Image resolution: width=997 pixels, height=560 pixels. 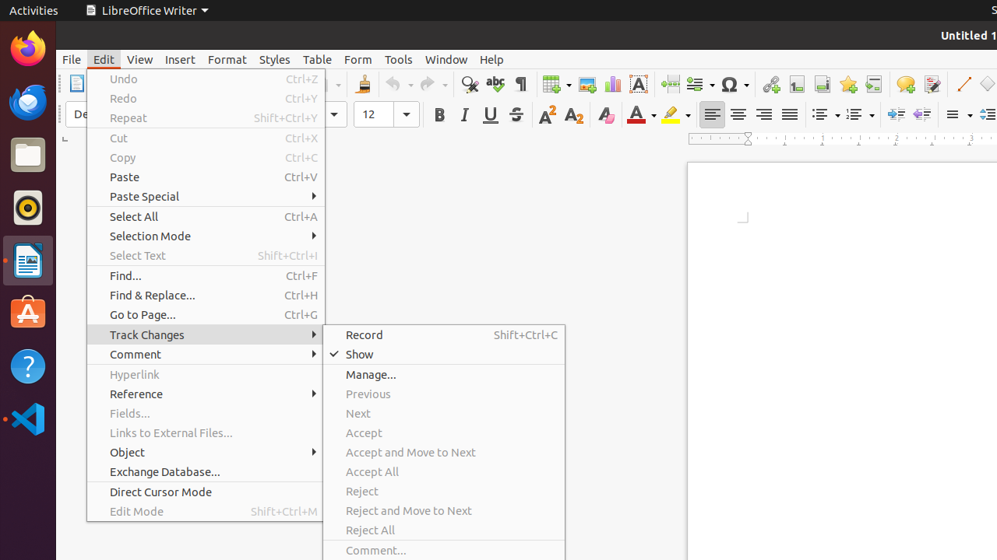 What do you see at coordinates (205, 79) in the screenshot?
I see `'Undo'` at bounding box center [205, 79].